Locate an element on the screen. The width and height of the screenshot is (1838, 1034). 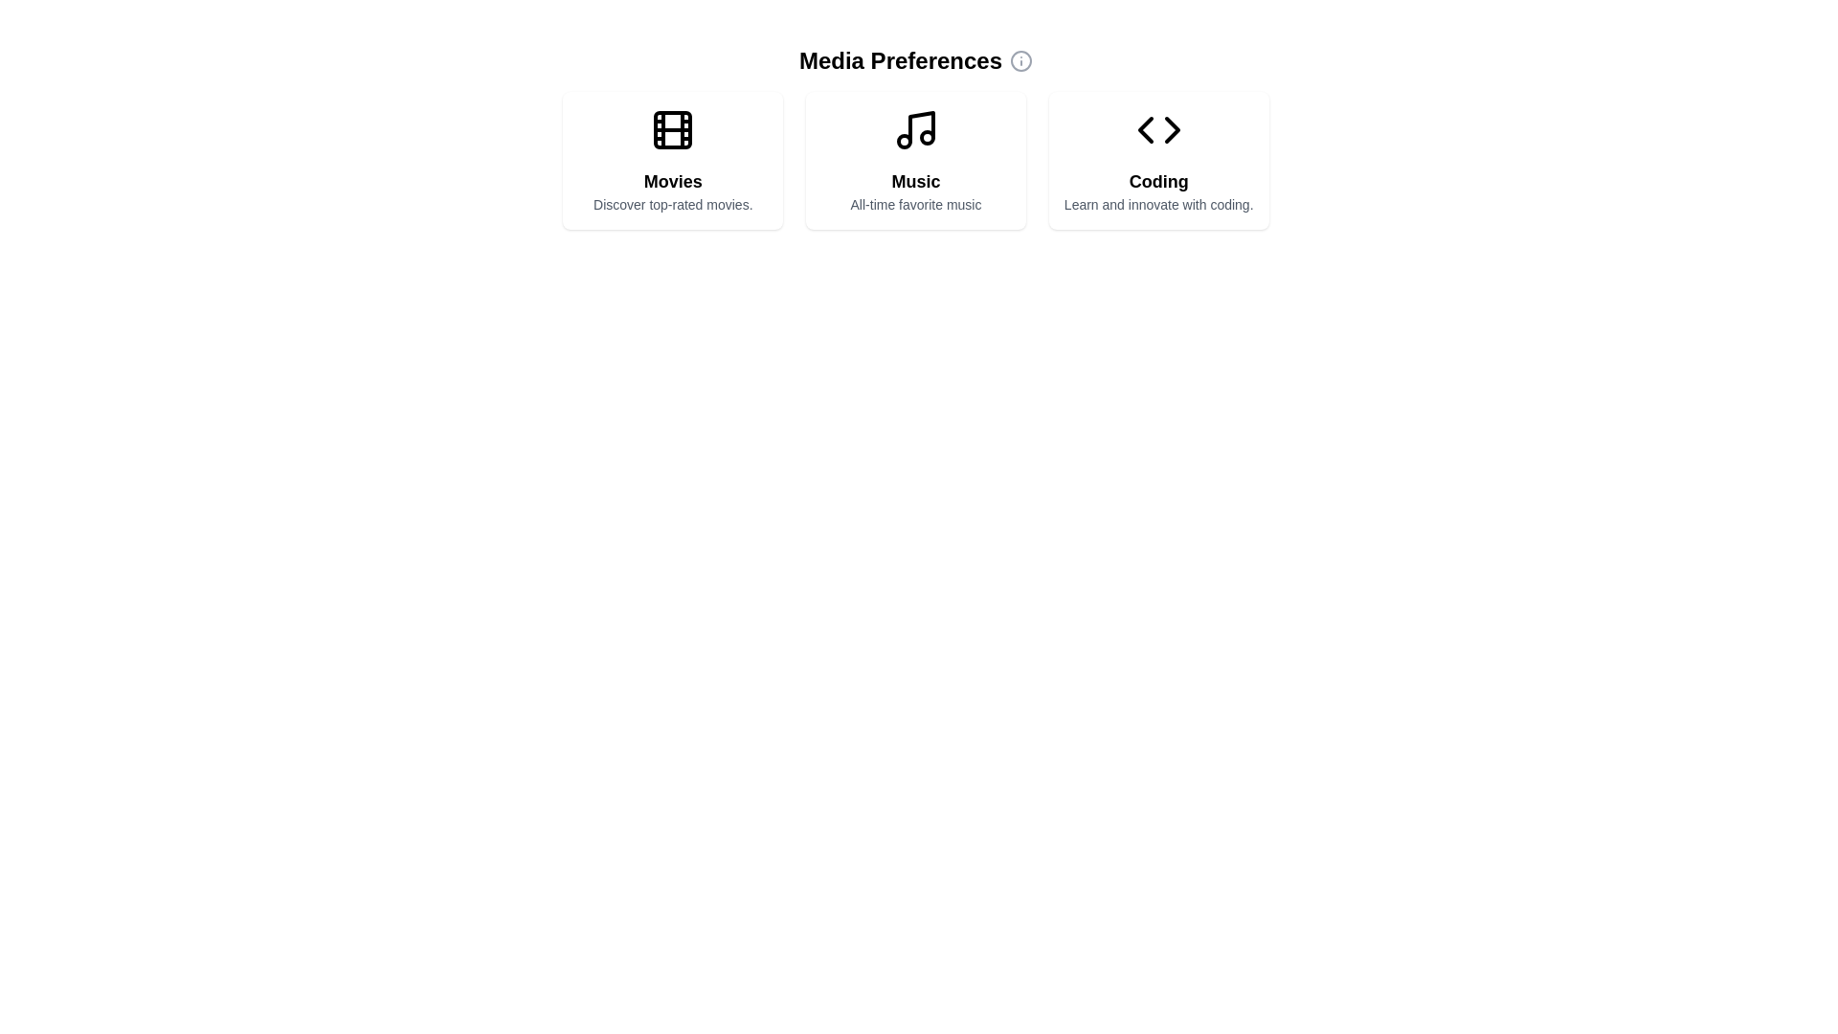
the descriptive text for the category 'Music', located beneath the 'Music' label in the second card of a row of three categories is located at coordinates (914, 204).